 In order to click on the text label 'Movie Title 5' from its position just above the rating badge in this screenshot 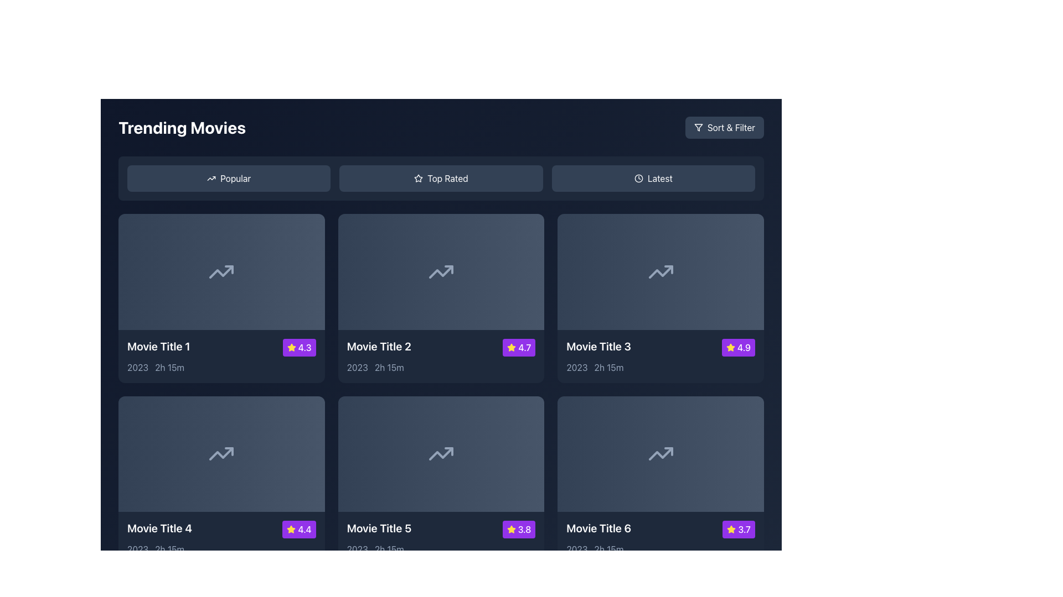, I will do `click(379, 528)`.